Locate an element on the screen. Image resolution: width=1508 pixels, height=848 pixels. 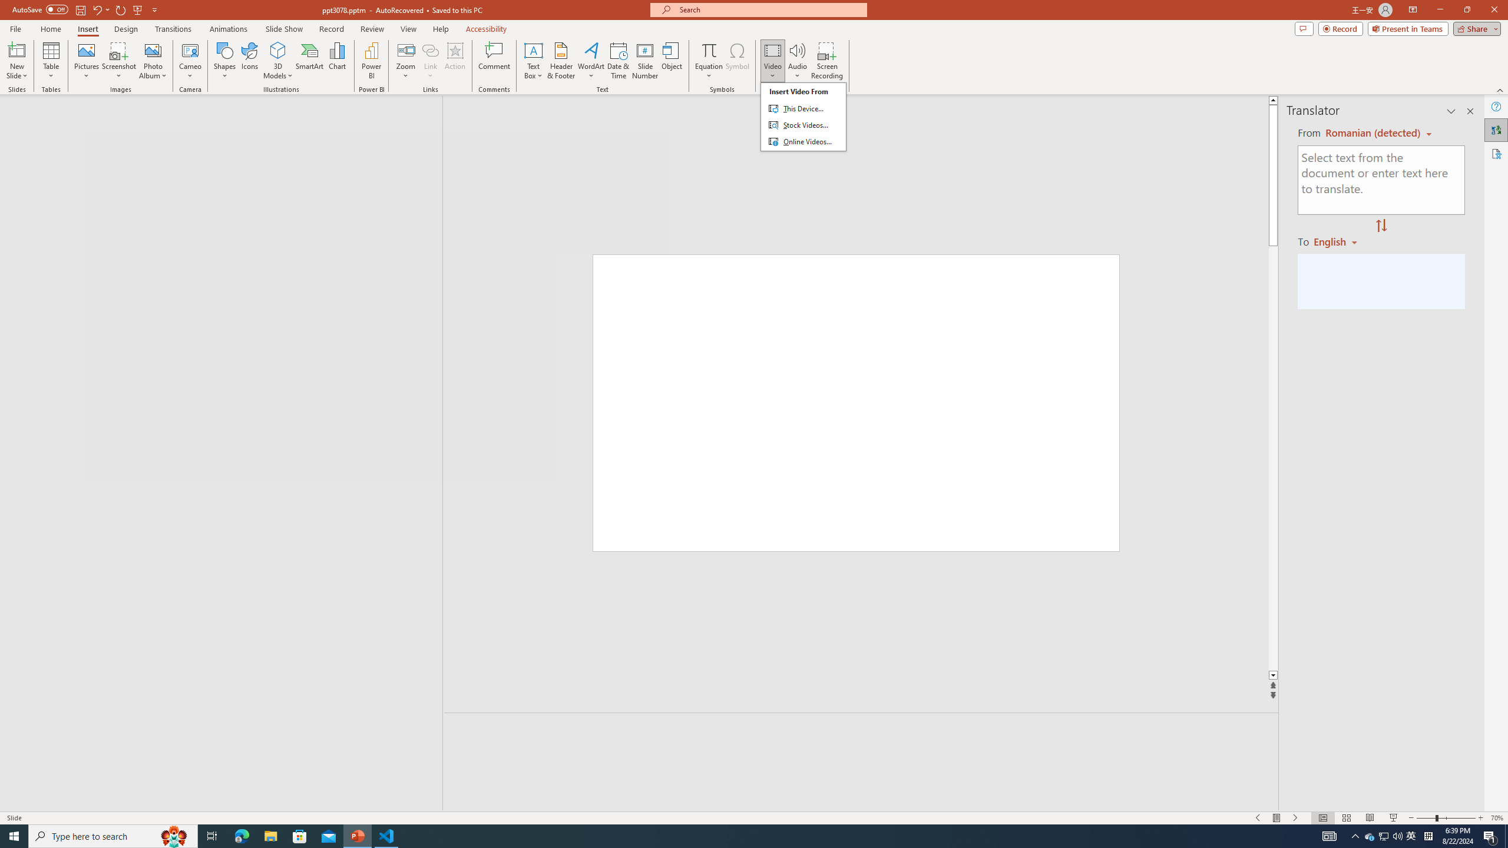
'Link' is located at coordinates (429, 49).